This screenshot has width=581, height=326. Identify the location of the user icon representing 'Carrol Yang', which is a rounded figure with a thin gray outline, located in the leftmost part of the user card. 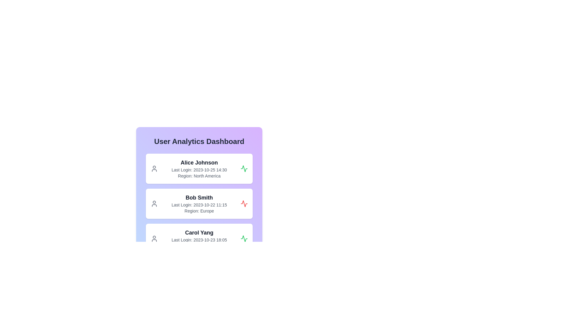
(154, 238).